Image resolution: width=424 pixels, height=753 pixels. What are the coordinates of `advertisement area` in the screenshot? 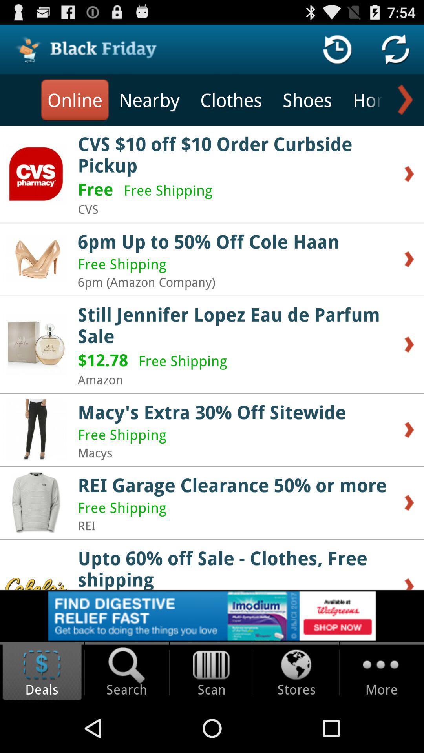 It's located at (212, 615).